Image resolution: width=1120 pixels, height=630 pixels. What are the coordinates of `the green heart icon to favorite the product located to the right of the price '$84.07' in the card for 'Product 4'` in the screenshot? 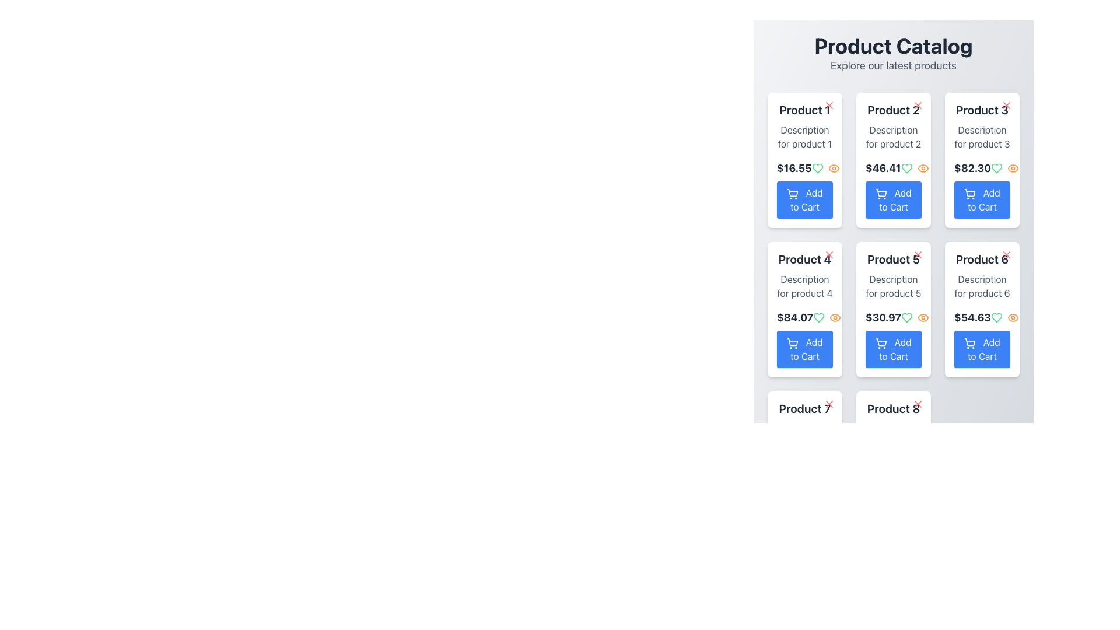 It's located at (827, 317).